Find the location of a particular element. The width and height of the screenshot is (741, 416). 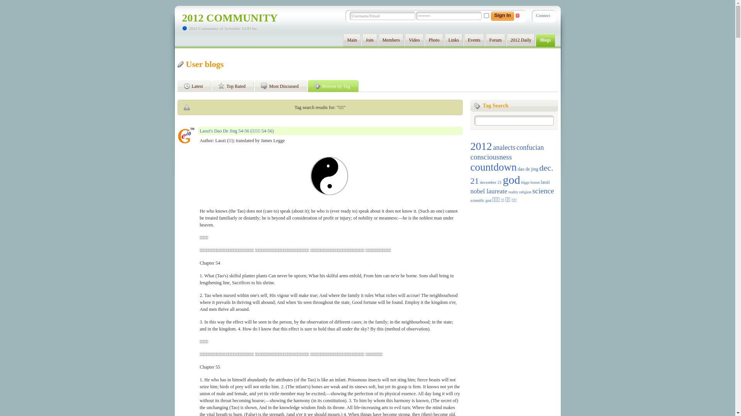

'reality' is located at coordinates (513, 191).